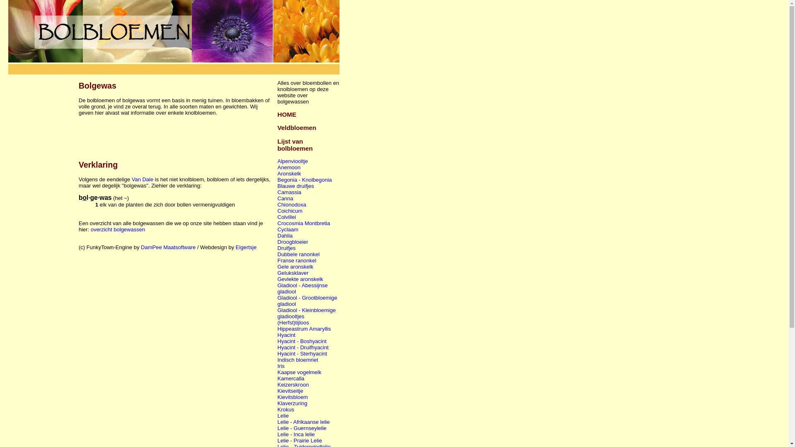  I want to click on 'Kievitseitje', so click(277, 391).